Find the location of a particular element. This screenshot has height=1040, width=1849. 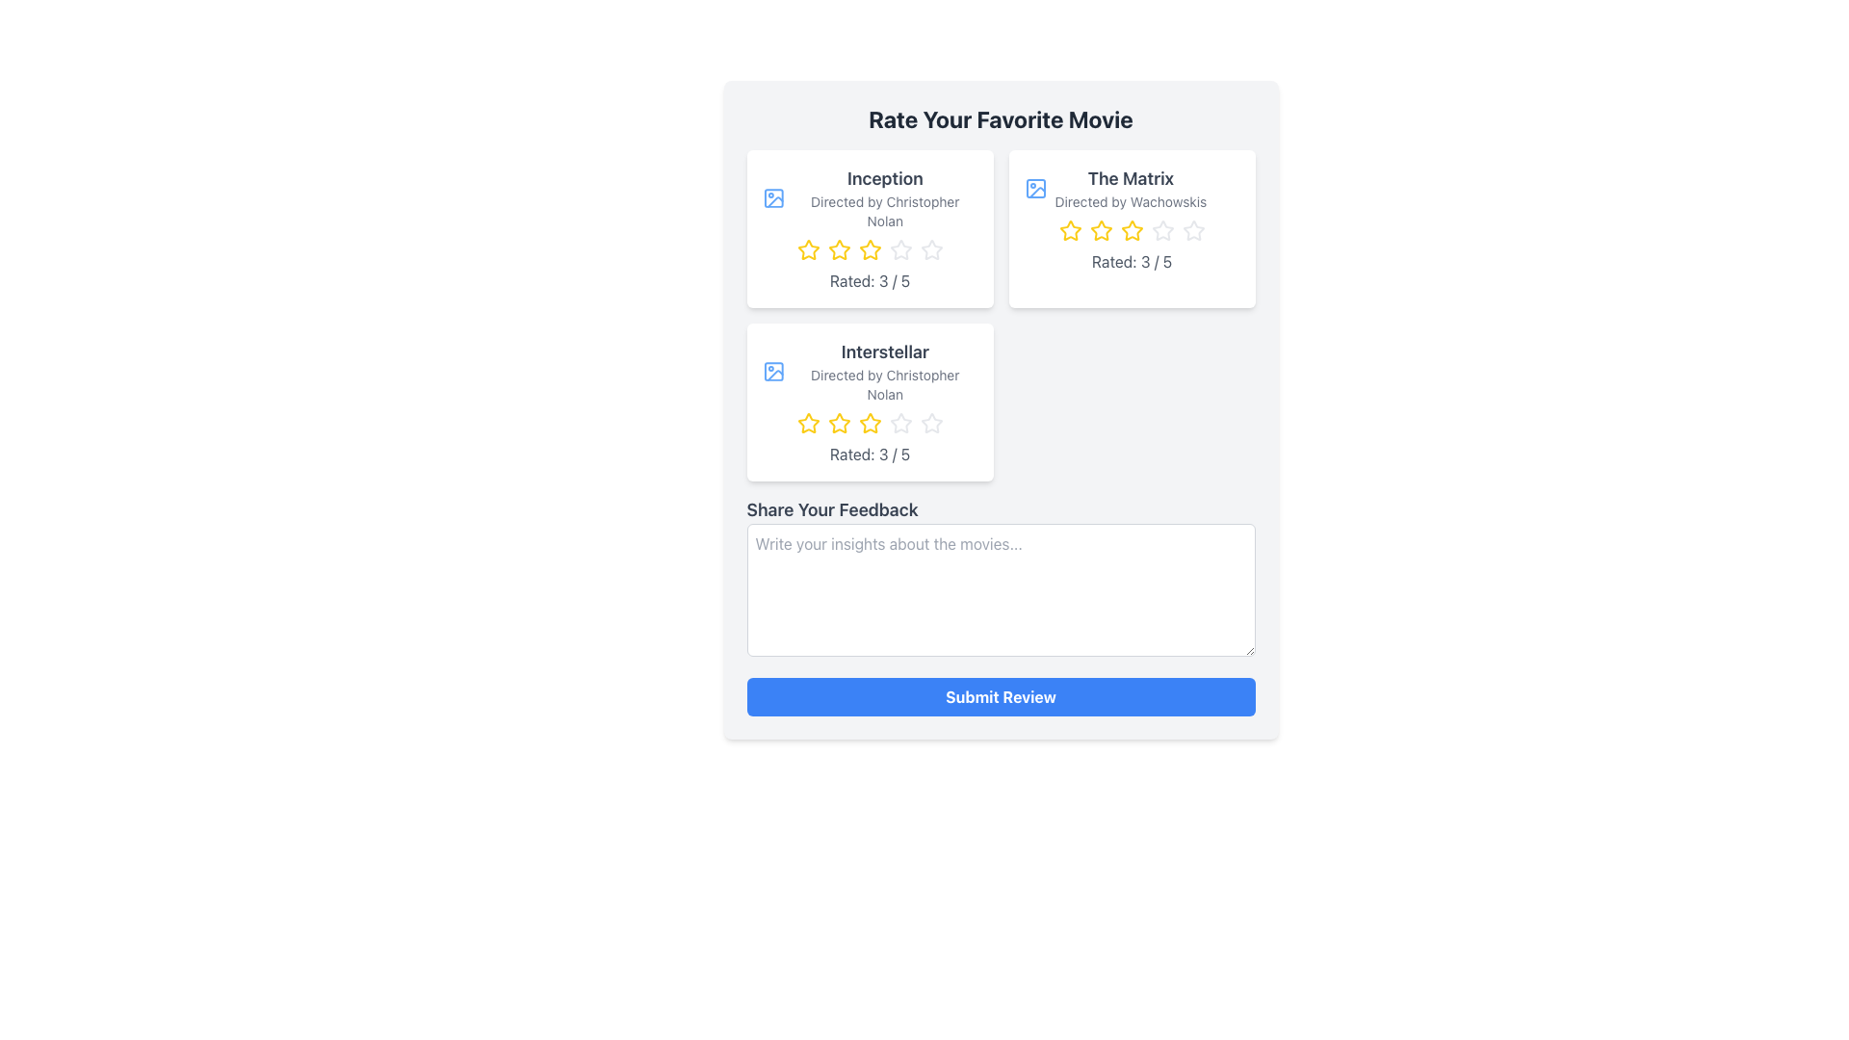

the third star in the five-star rating system for the movie 'Inception' is located at coordinates (869, 248).